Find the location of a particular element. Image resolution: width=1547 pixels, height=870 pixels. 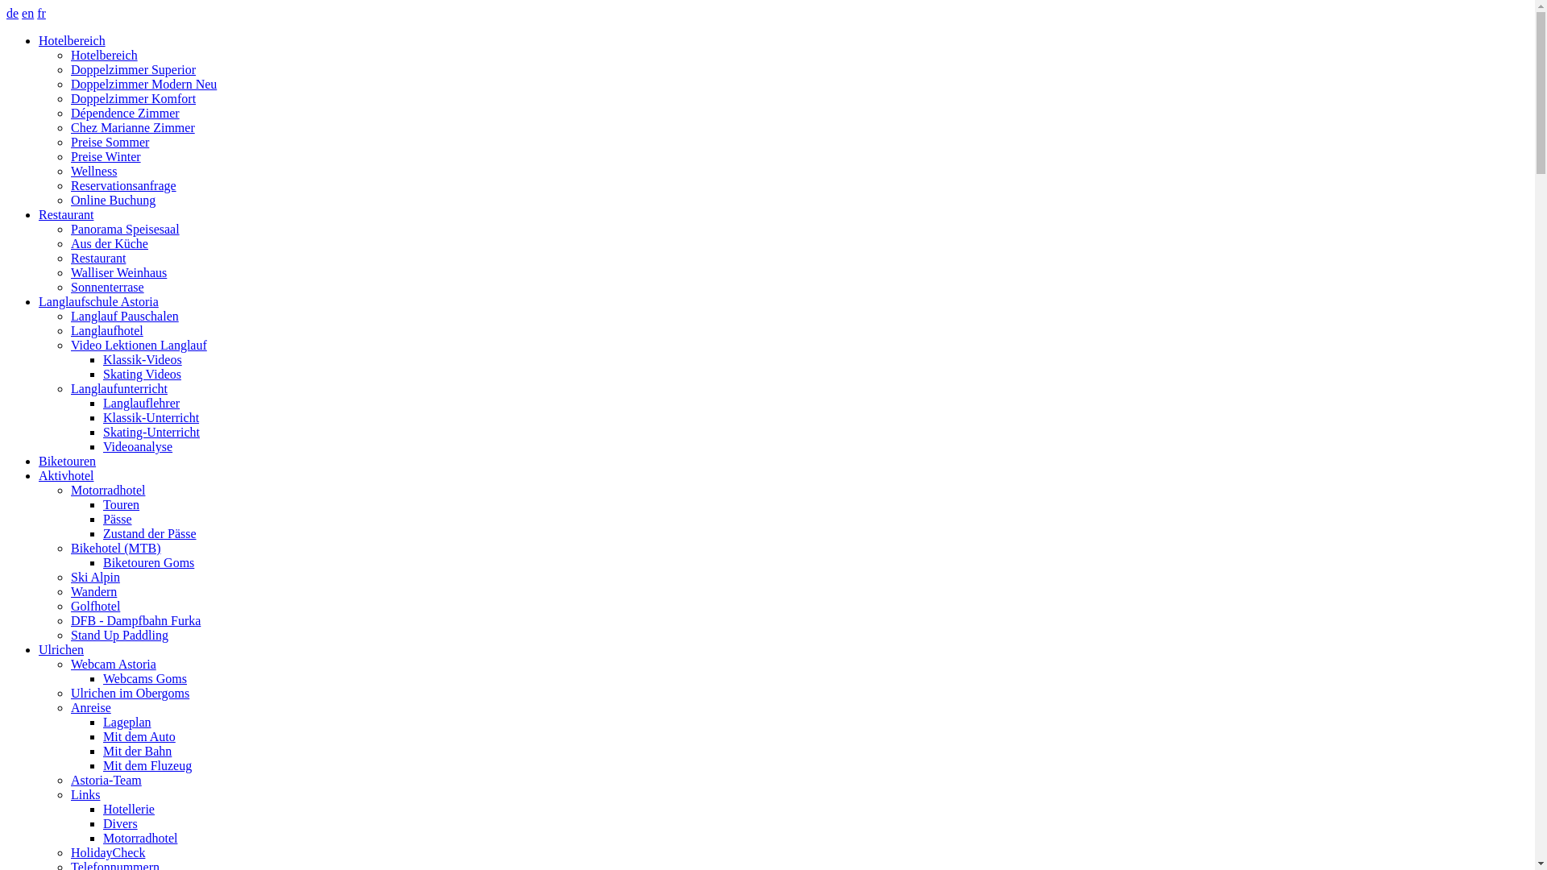

'Skating-Unterricht' is located at coordinates (151, 431).